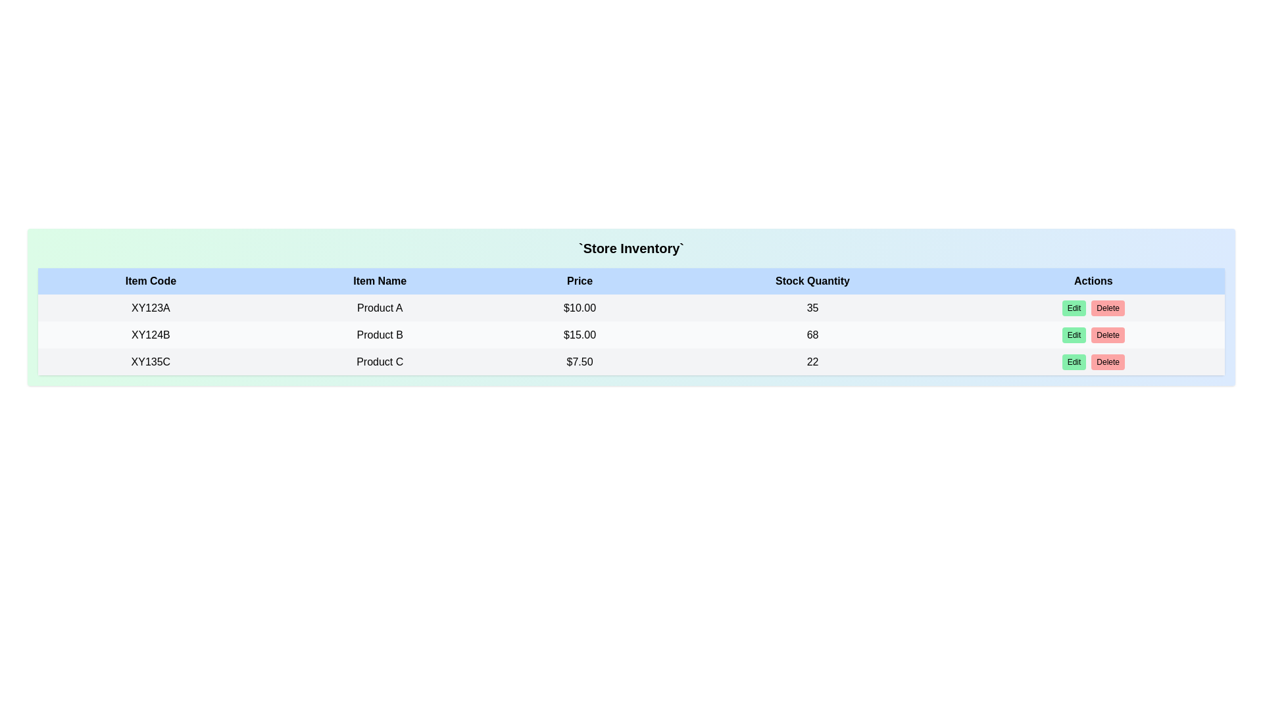 Image resolution: width=1263 pixels, height=710 pixels. I want to click on the edit button located in the 'Actions' column of the second row associated with 'Product B' to observe the hover styling, so click(1074, 334).